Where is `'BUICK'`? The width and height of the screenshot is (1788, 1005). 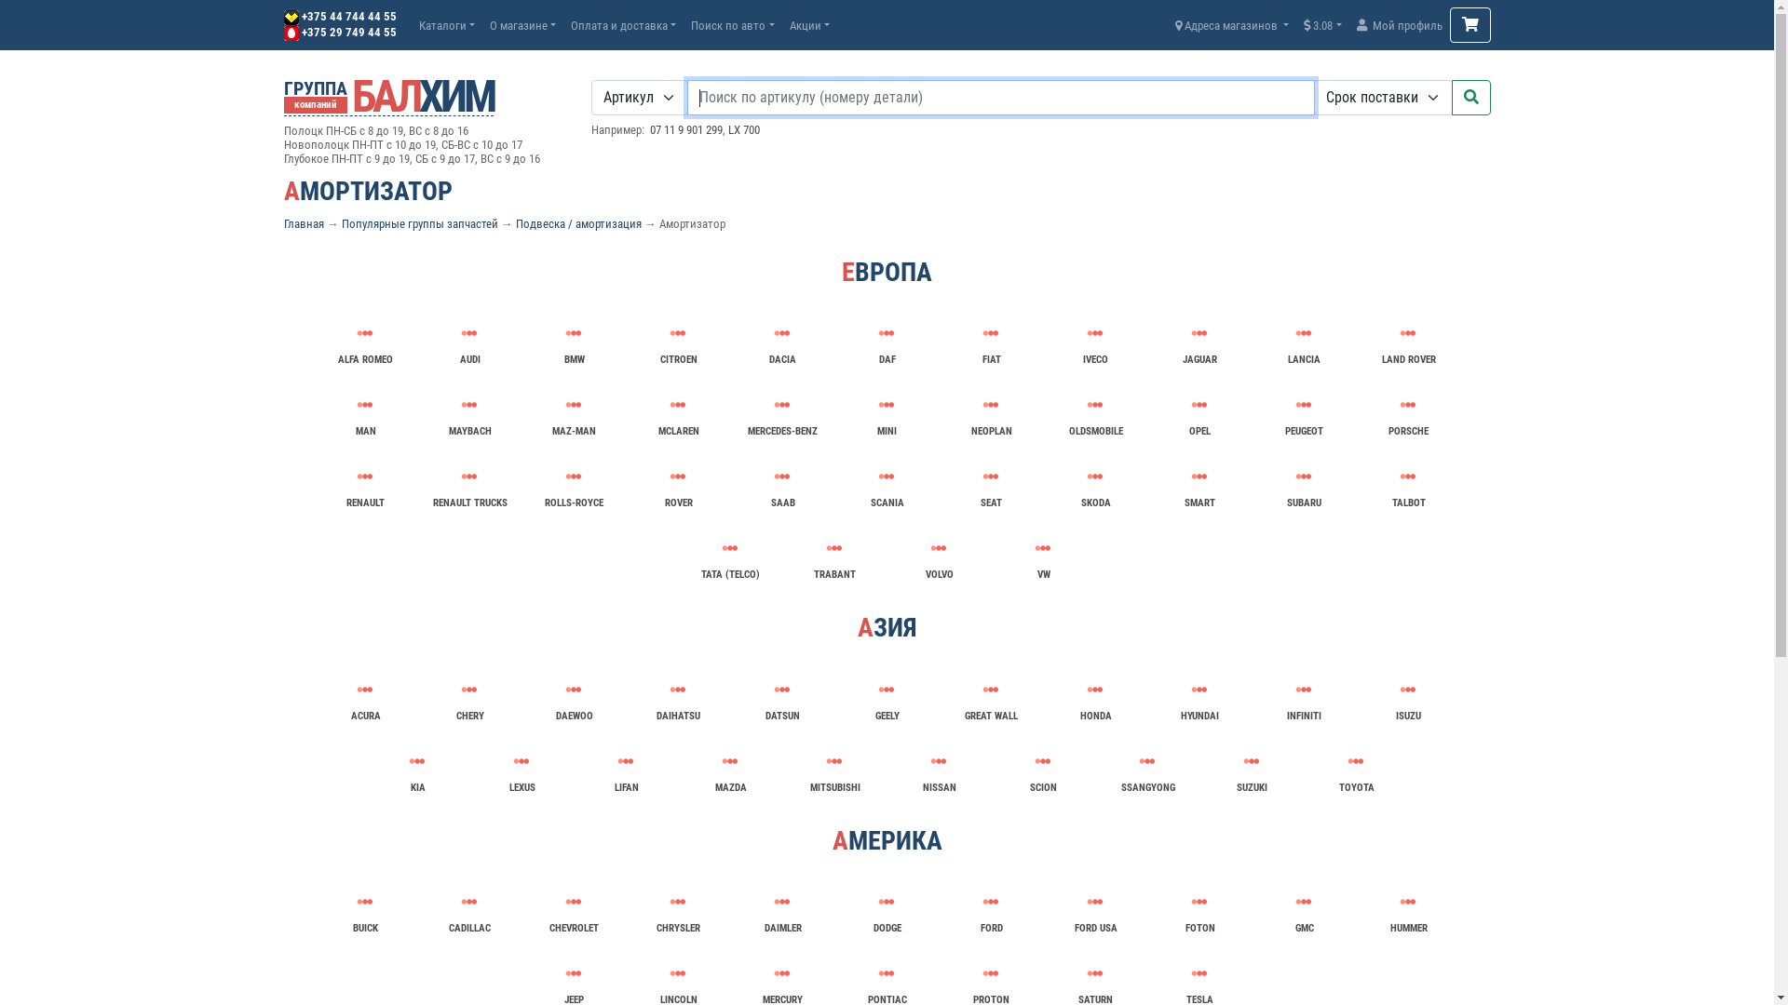
'BUICK' is located at coordinates (365, 907).